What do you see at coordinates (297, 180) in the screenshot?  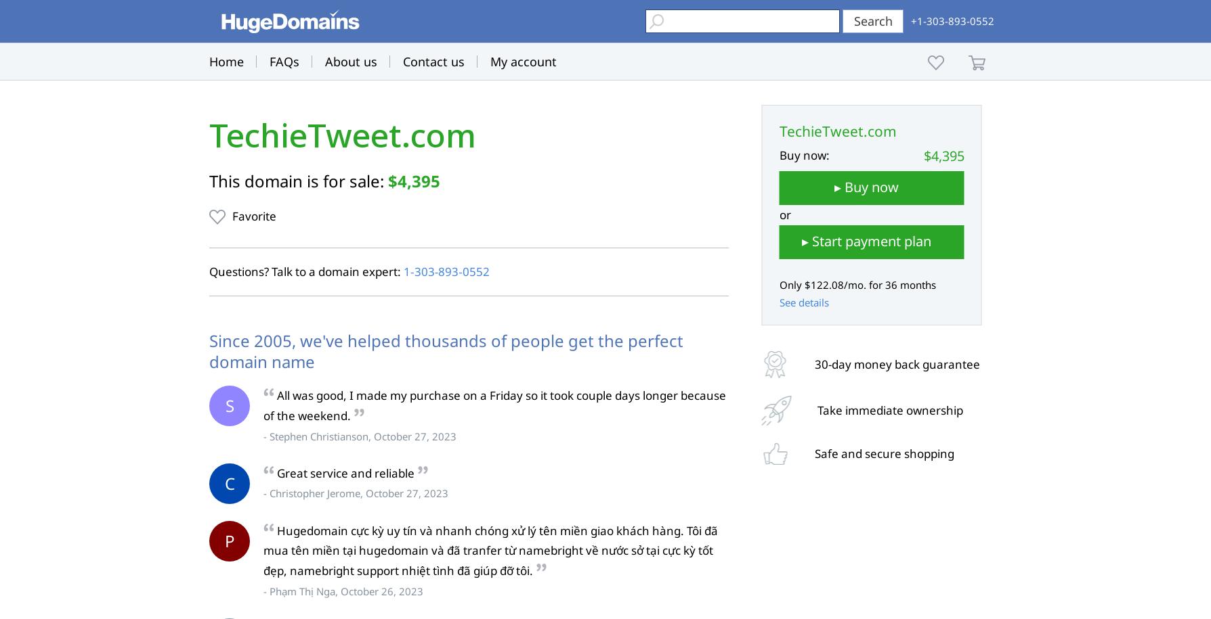 I see `'This domain is for sale:'` at bounding box center [297, 180].